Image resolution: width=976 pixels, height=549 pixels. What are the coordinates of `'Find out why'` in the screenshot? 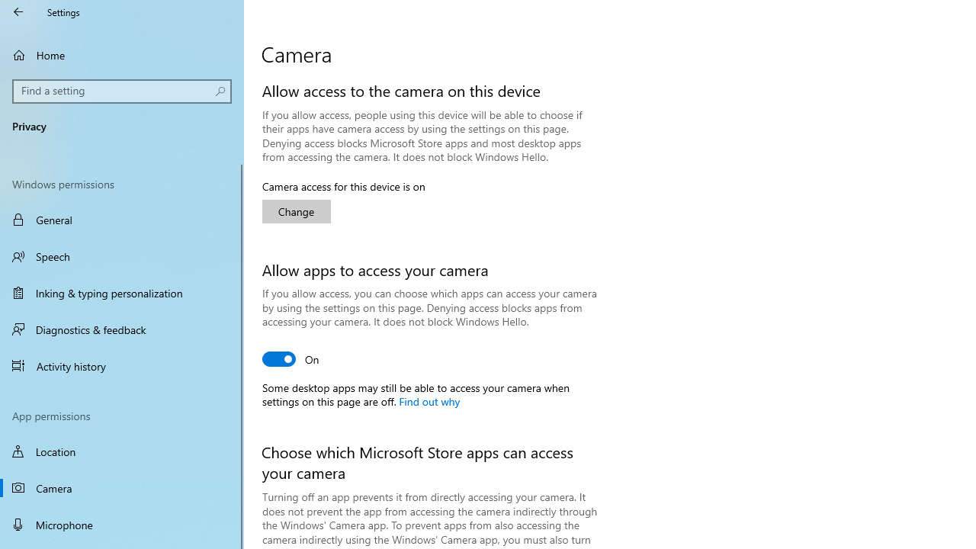 It's located at (428, 400).